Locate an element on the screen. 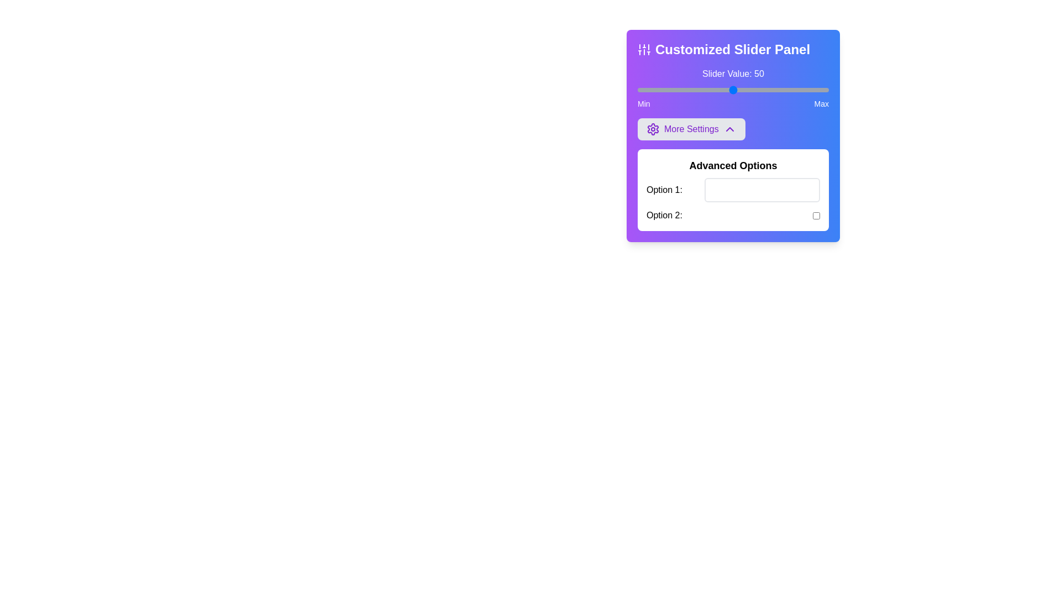  the label element reading 'Option 1:' located within the 'Advanced Options' section, positioned to the left of a text input field is located at coordinates (664, 189).